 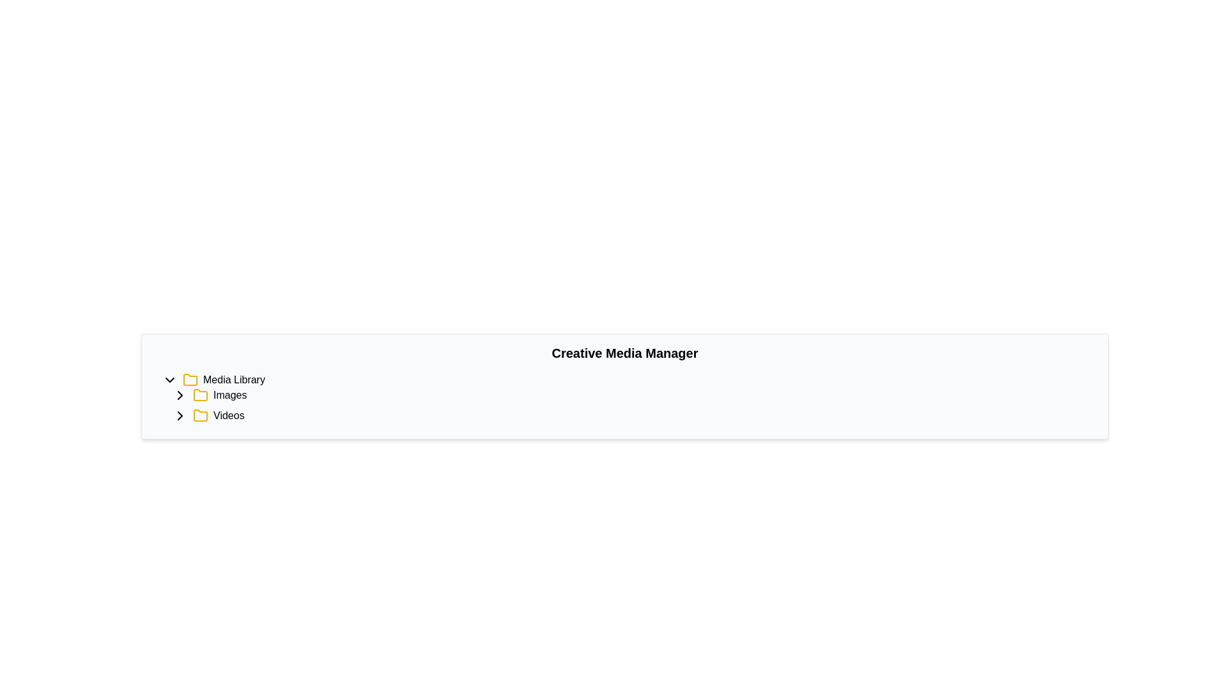 I want to click on the yellow folder icon representing the 'Videos' sub-item in the directory tree structure, located below 'Media Library', so click(x=199, y=415).